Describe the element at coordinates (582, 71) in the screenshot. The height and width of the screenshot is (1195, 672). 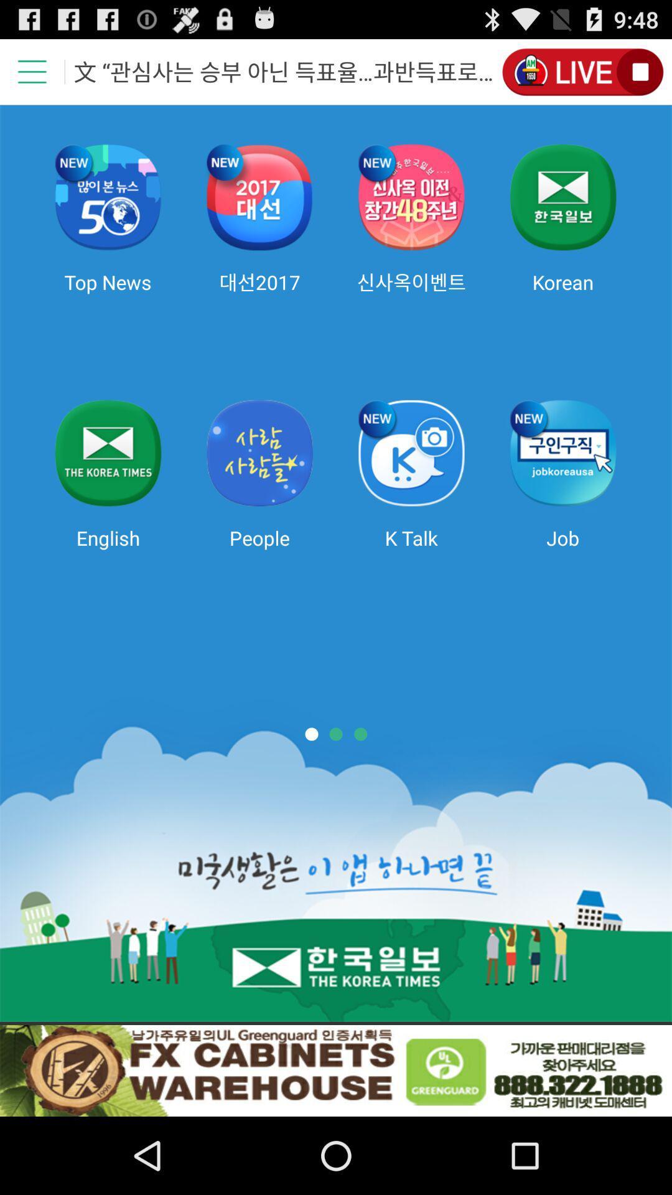
I see `watch live broadcast` at that location.